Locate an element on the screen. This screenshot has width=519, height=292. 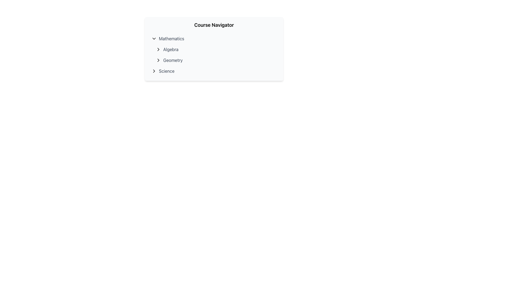
the Chevron icon located on the left side of the 'Science' text in the navigation menu is located at coordinates (154, 71).